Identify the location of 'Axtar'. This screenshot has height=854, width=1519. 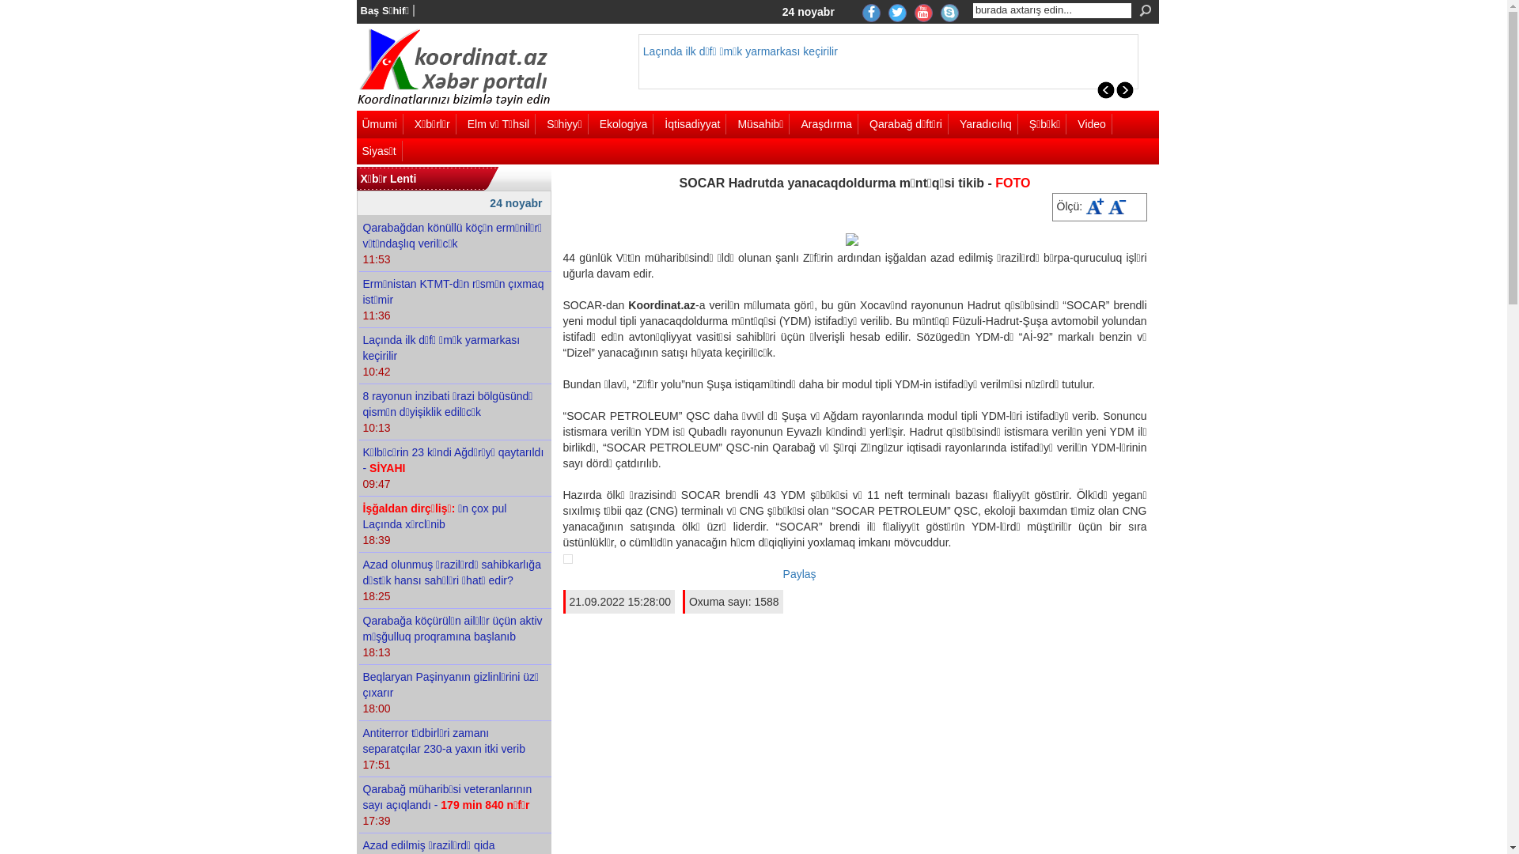
(1134, 10).